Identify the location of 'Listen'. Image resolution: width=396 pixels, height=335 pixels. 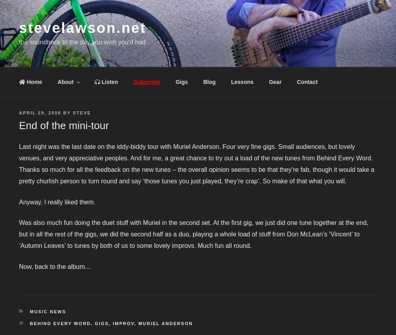
(109, 82).